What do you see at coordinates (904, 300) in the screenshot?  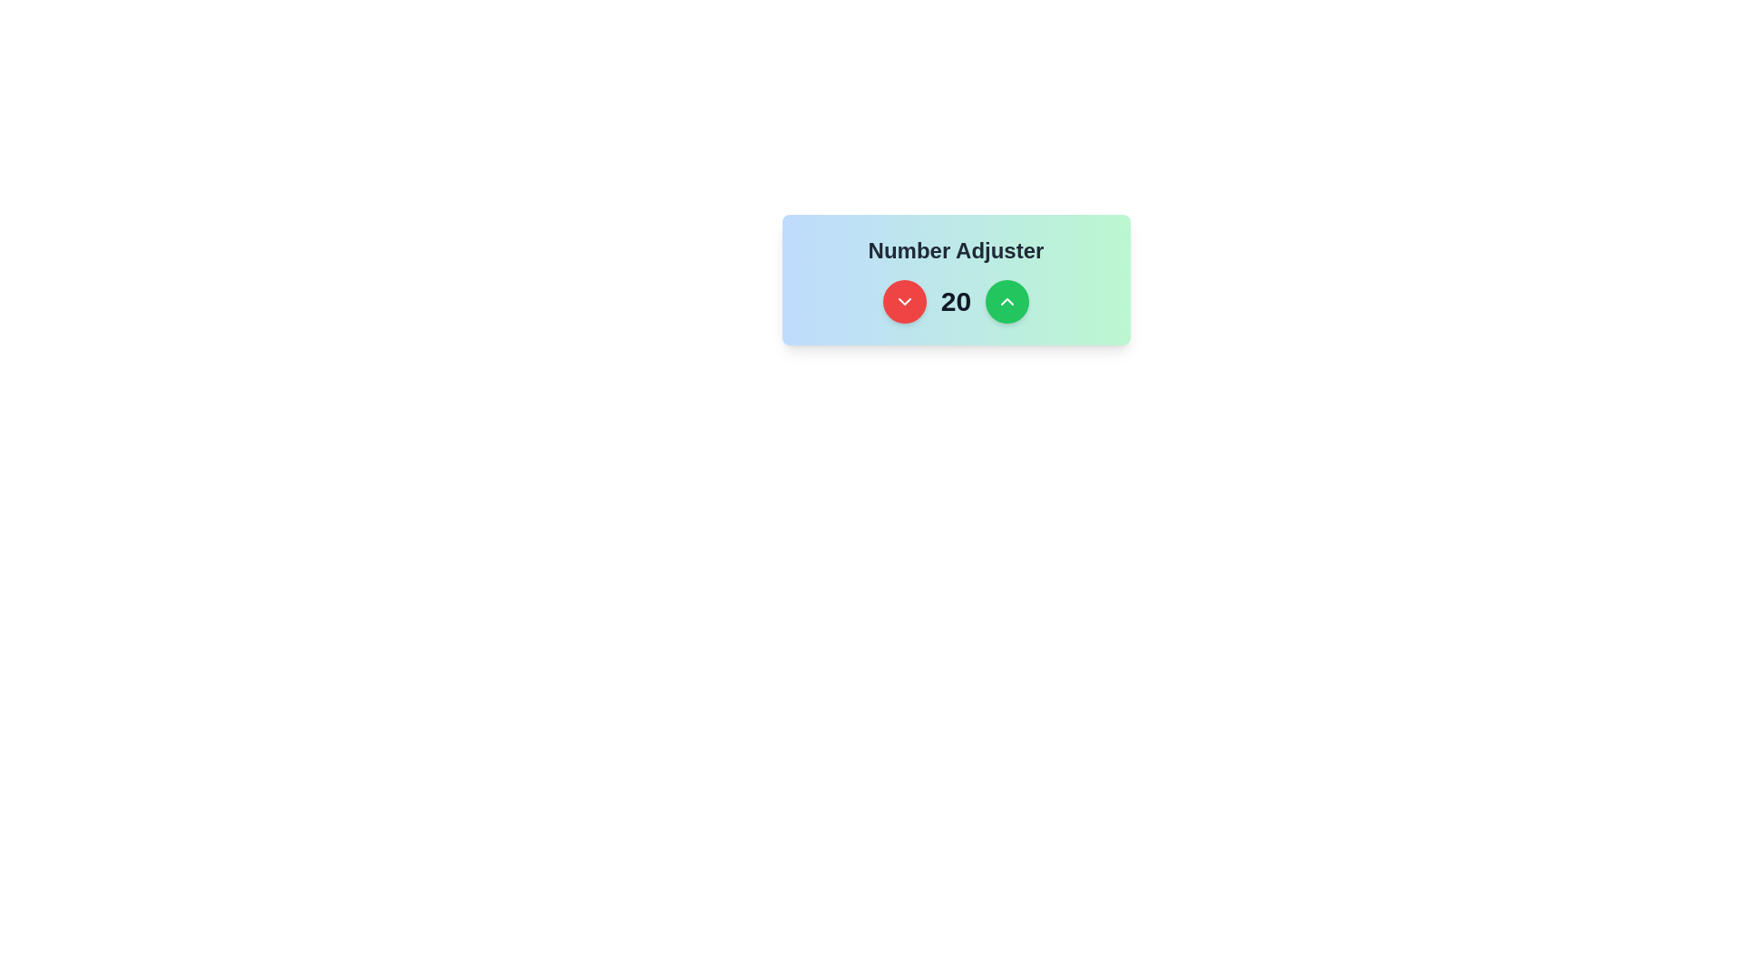 I see `the downward navigation icon located within the red circular button on the left side of the horizontal group under the 'Number Adjuster' label` at bounding box center [904, 300].